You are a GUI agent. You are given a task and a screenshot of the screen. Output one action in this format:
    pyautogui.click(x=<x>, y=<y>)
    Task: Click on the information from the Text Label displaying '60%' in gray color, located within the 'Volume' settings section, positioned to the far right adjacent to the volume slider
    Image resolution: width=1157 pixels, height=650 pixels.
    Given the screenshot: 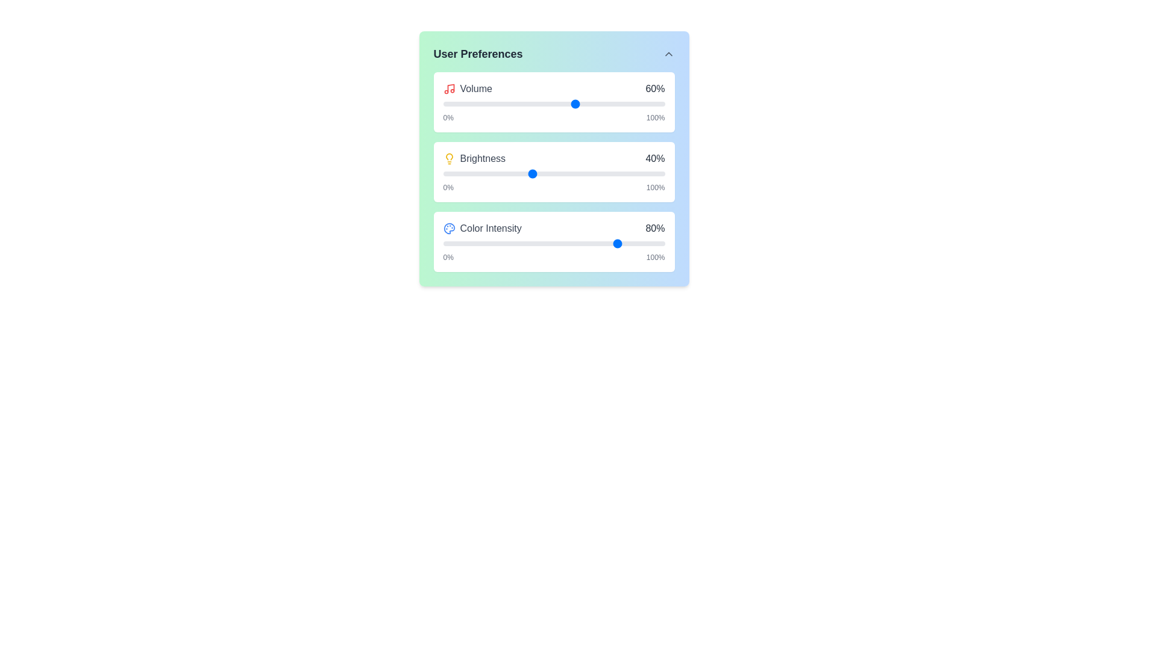 What is the action you would take?
    pyautogui.click(x=654, y=88)
    